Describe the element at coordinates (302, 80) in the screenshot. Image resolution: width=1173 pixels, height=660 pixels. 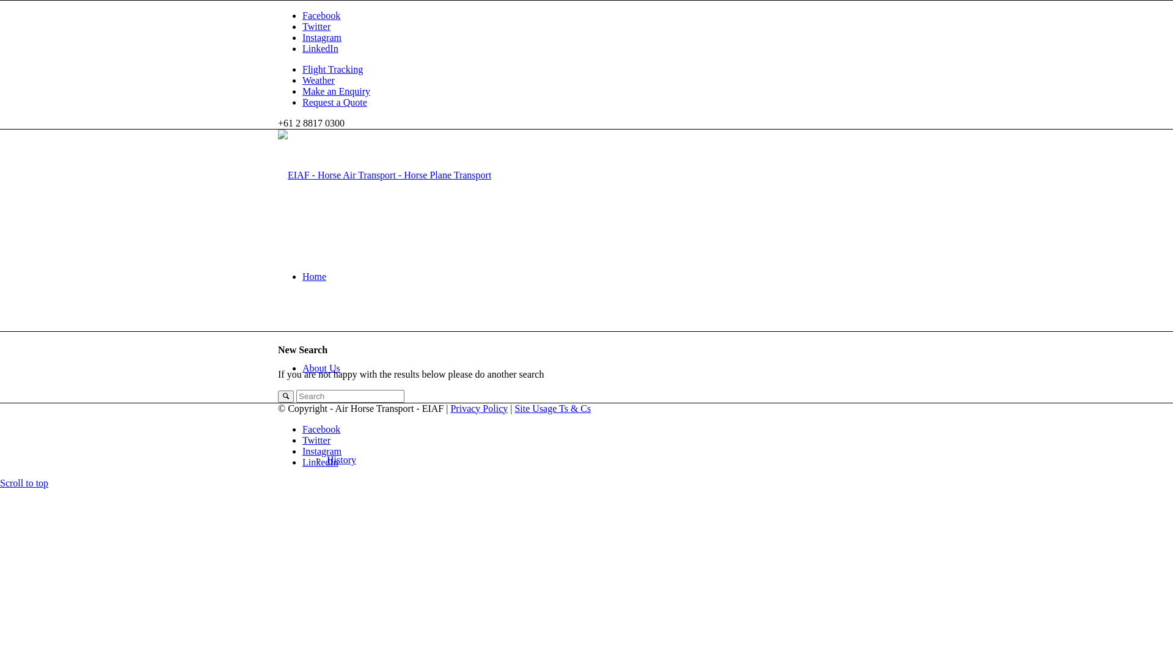
I see `'Weather'` at that location.